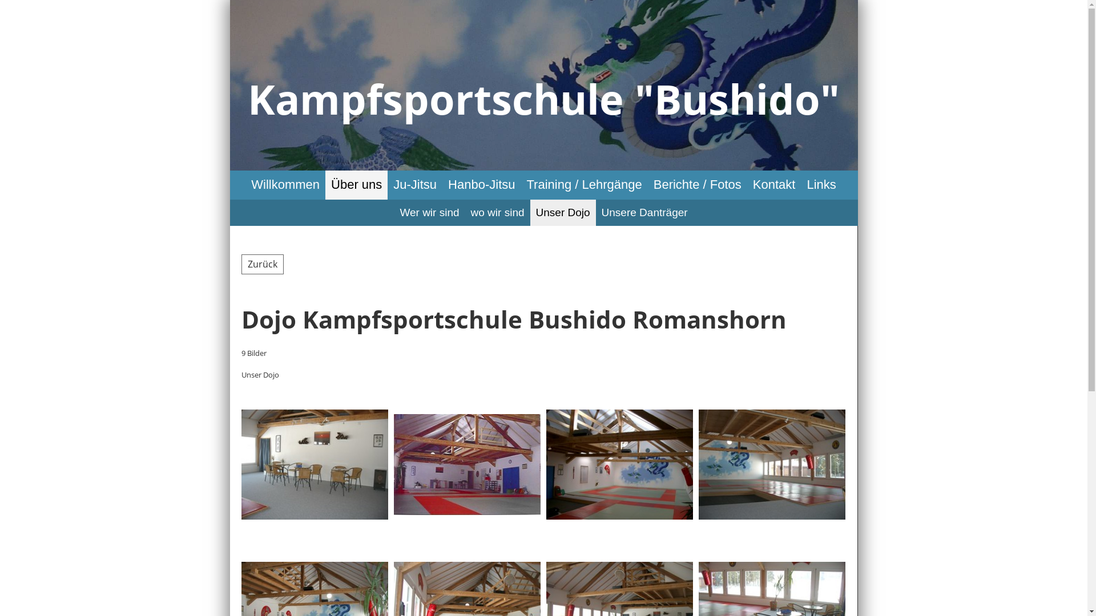 The width and height of the screenshot is (1096, 616). What do you see at coordinates (414, 184) in the screenshot?
I see `'Ju-Jitsu'` at bounding box center [414, 184].